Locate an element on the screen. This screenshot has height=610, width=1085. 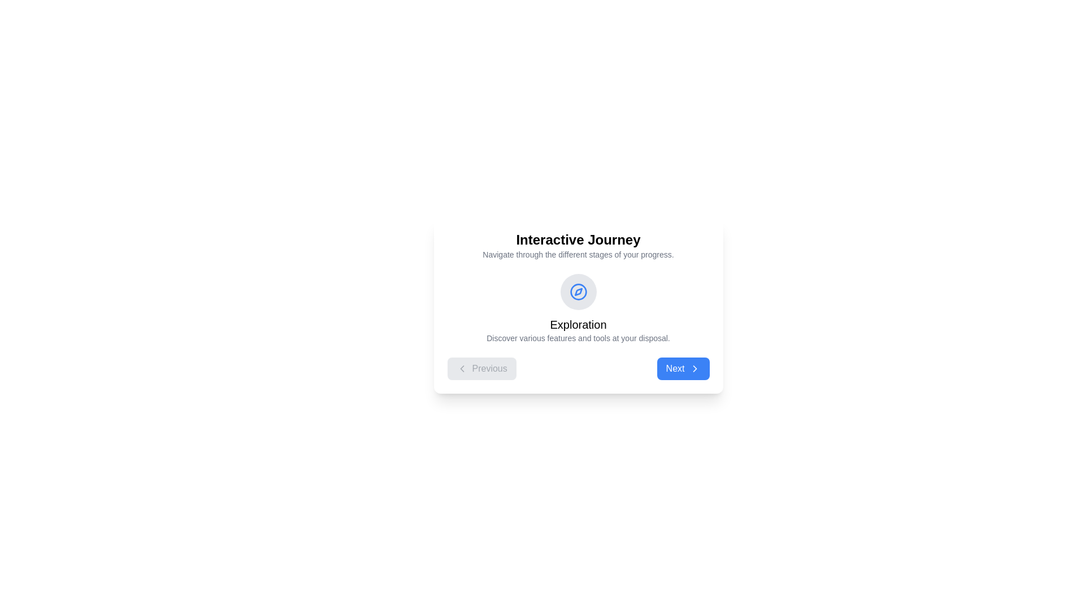
the SVG circle element with a blue border, which is part of a compass icon, located centrally within the compass illustration is located at coordinates (578, 291).